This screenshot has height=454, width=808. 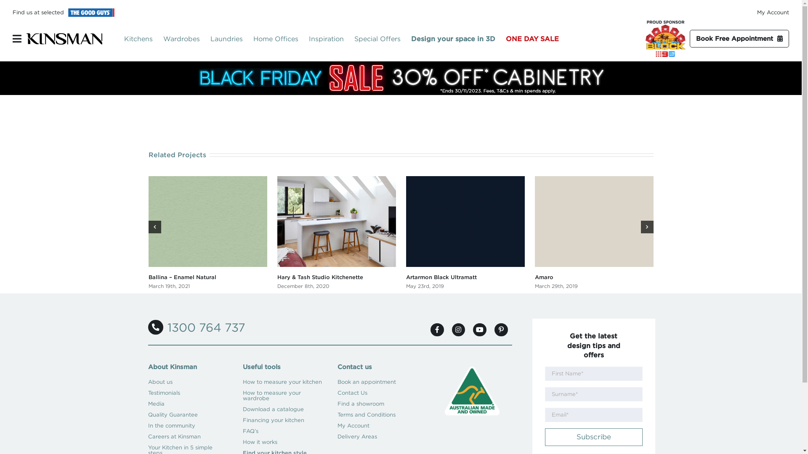 What do you see at coordinates (187, 436) in the screenshot?
I see `'Careers at Kinsman'` at bounding box center [187, 436].